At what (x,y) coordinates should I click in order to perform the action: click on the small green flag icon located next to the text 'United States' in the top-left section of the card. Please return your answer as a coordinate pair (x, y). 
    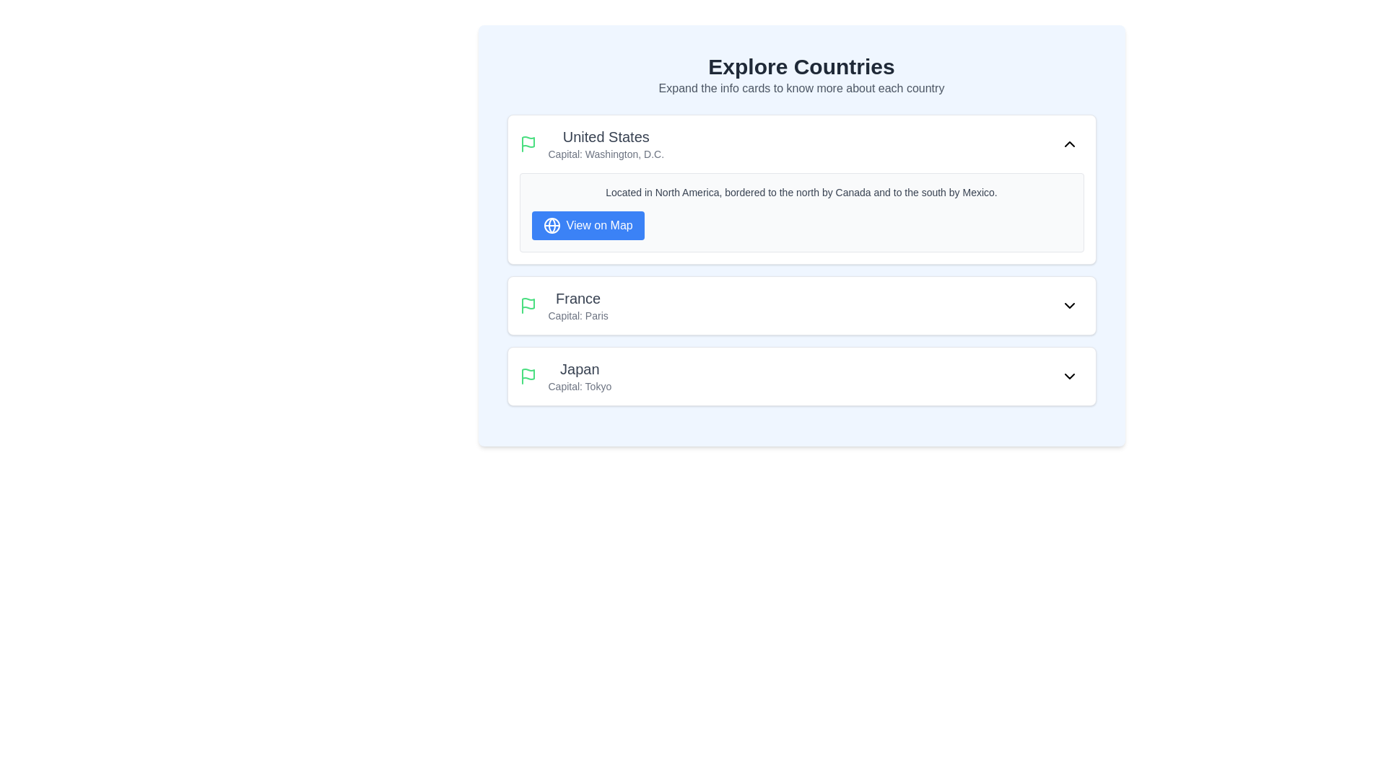
    Looking at the image, I should click on (527, 144).